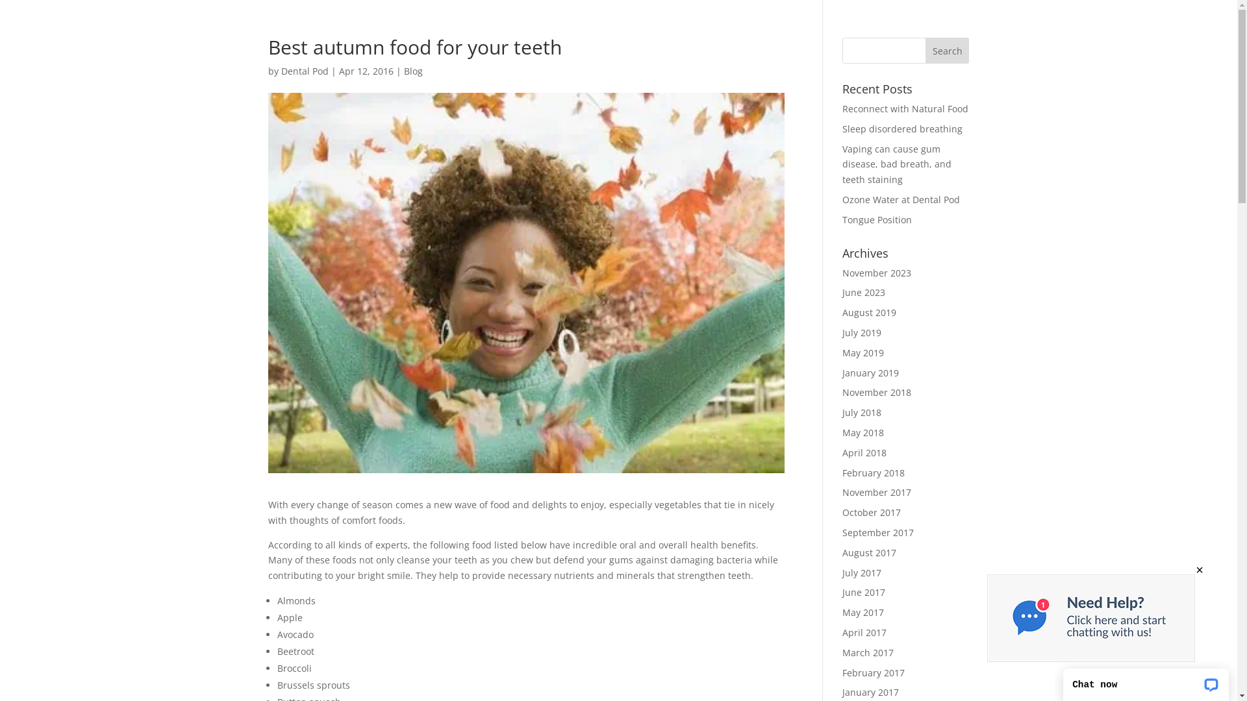 The image size is (1247, 701). I want to click on 'Dental Pod', so click(303, 71).